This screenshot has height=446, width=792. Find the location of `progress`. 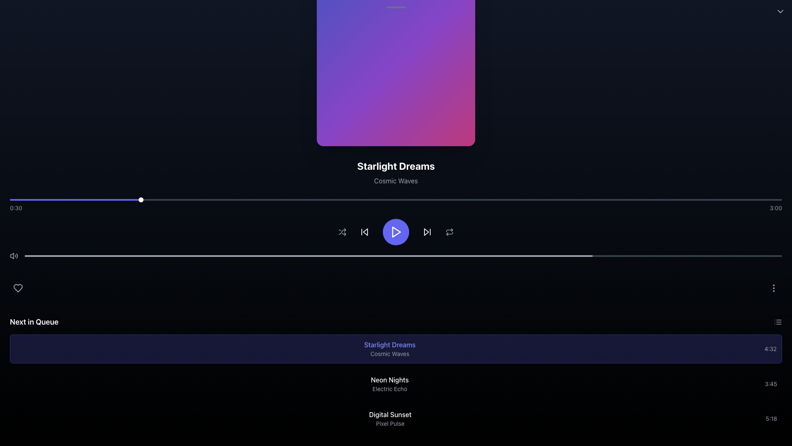

progress is located at coordinates (82, 199).